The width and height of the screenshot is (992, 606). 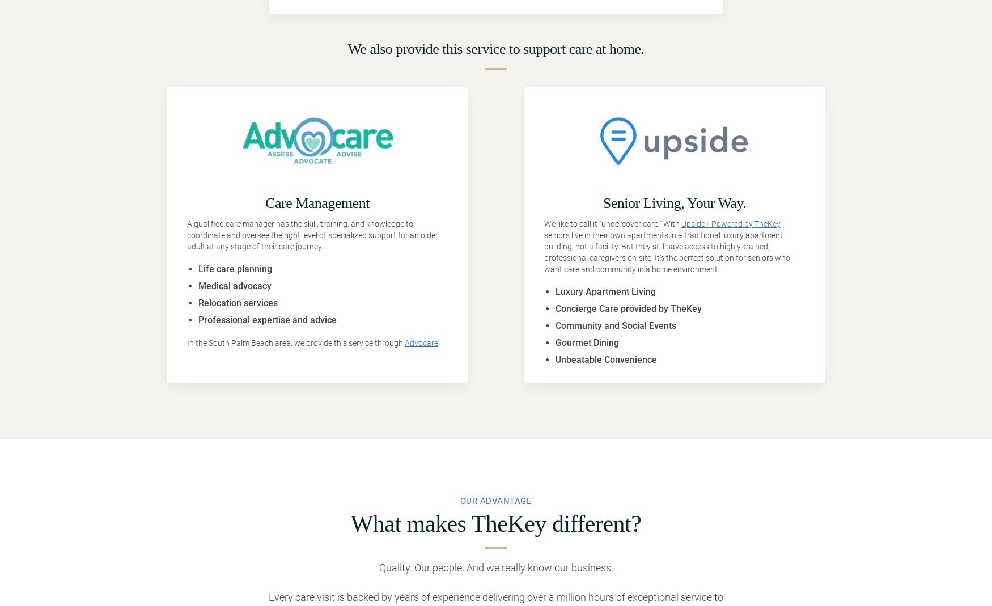 I want to click on 'We also provide this service to support care at home.', so click(x=495, y=48).